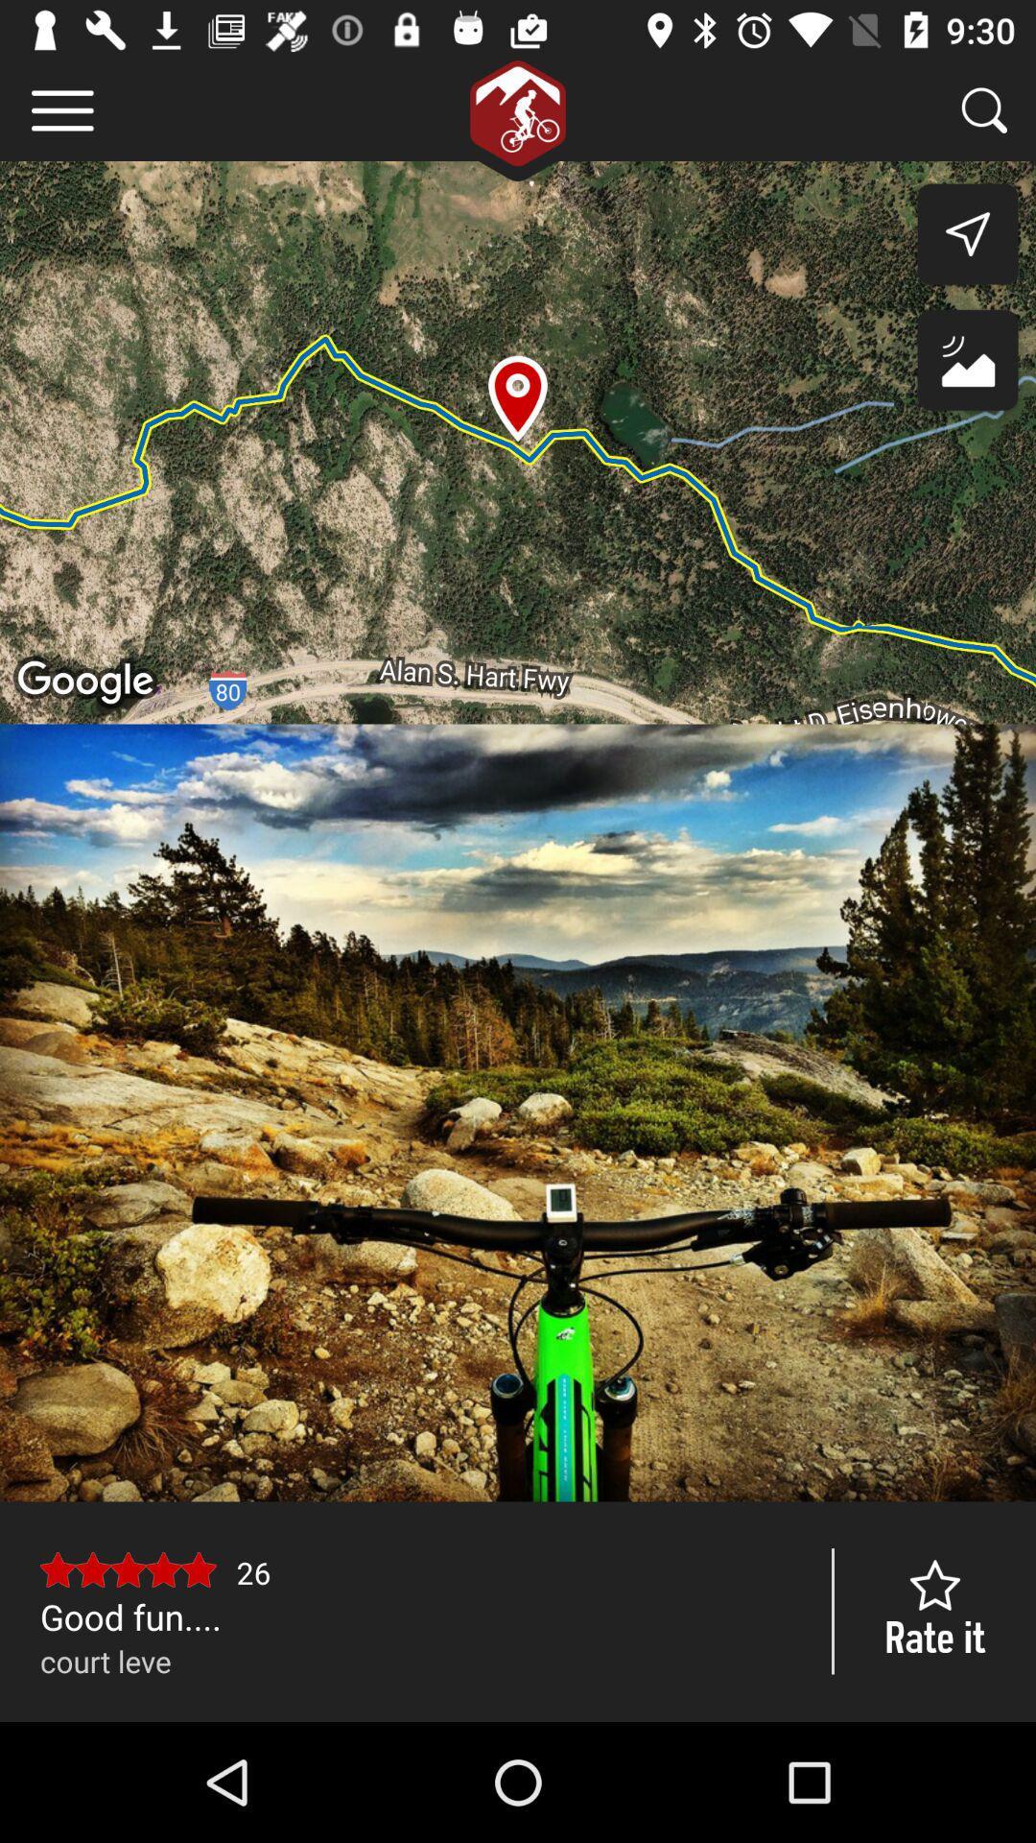  I want to click on the wallpaper icon, so click(968, 365).